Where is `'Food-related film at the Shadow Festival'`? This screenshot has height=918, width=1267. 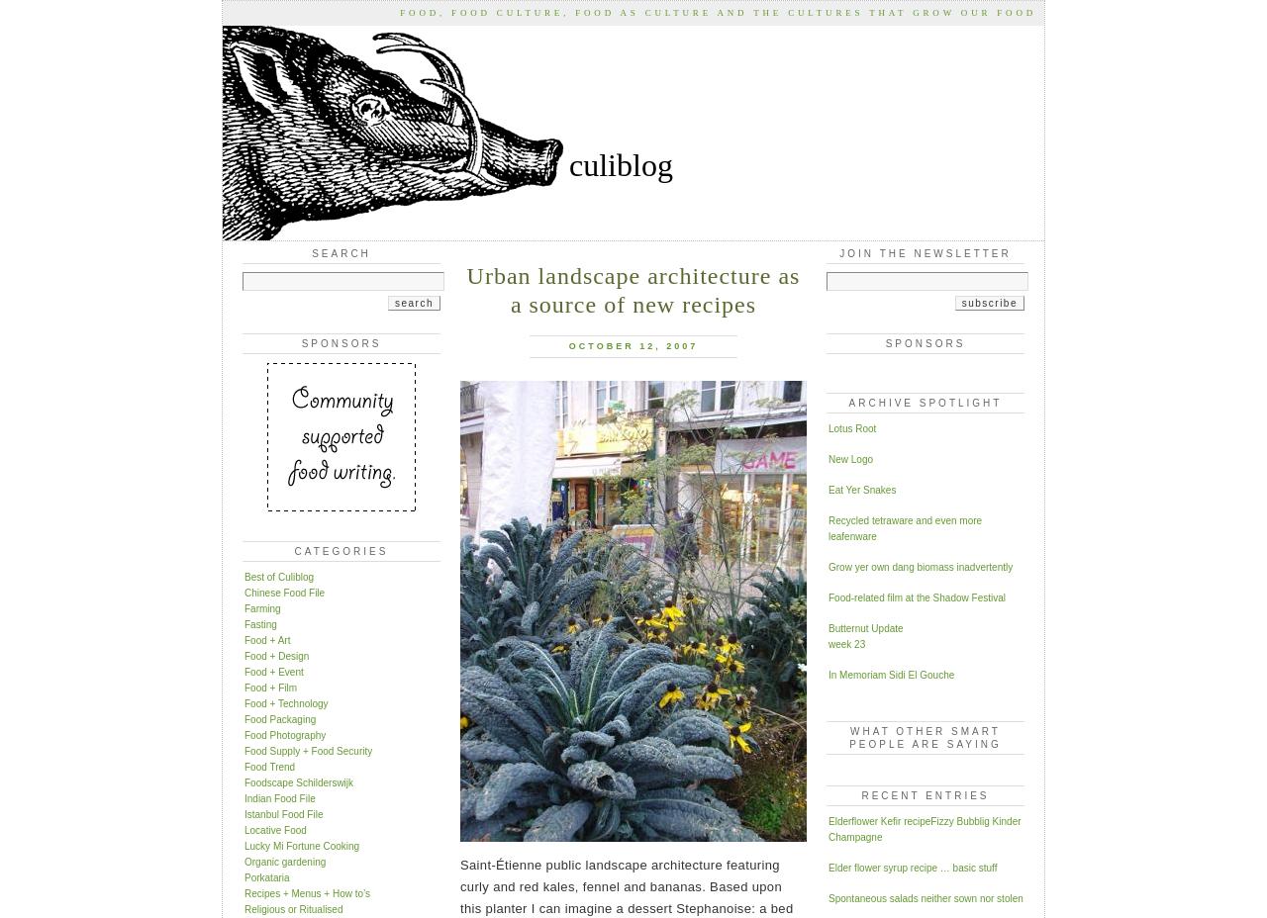
'Food-related film at the Shadow Festival' is located at coordinates (828, 597).